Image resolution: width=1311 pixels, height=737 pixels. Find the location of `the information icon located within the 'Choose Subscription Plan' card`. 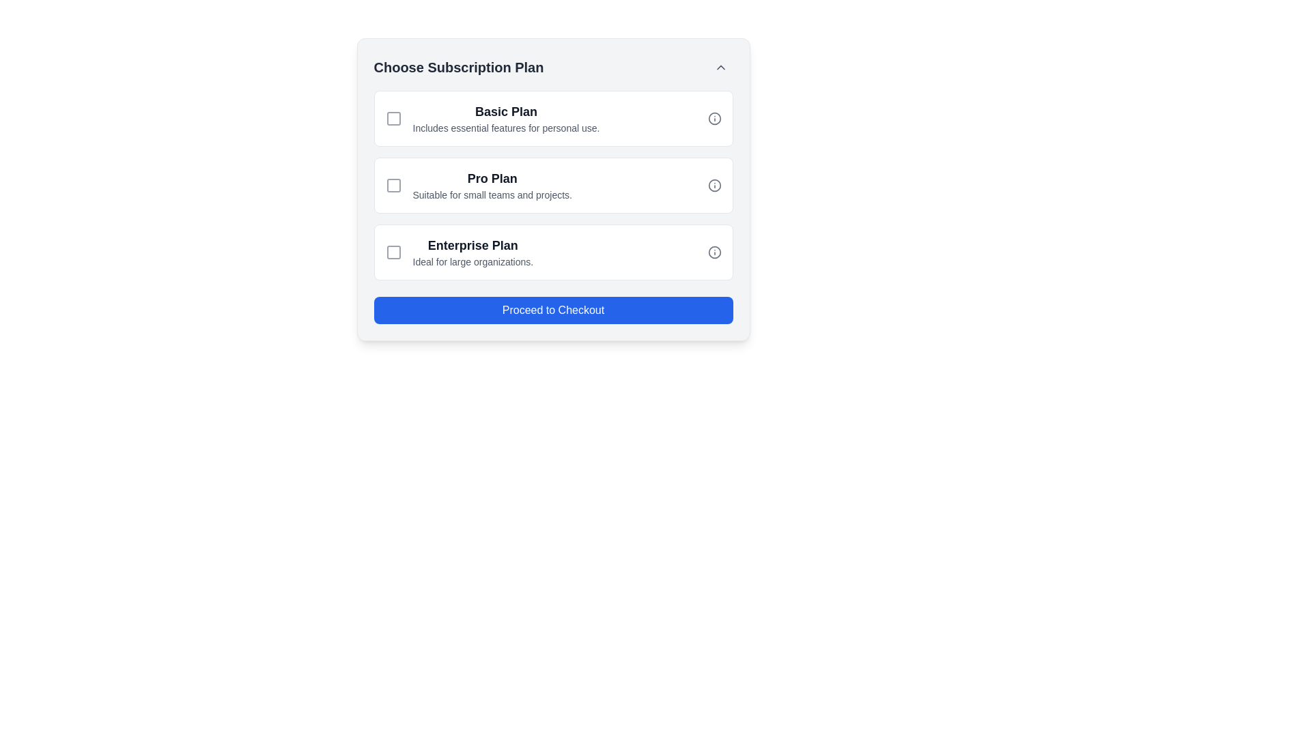

the information icon located within the 'Choose Subscription Plan' card is located at coordinates (553, 186).